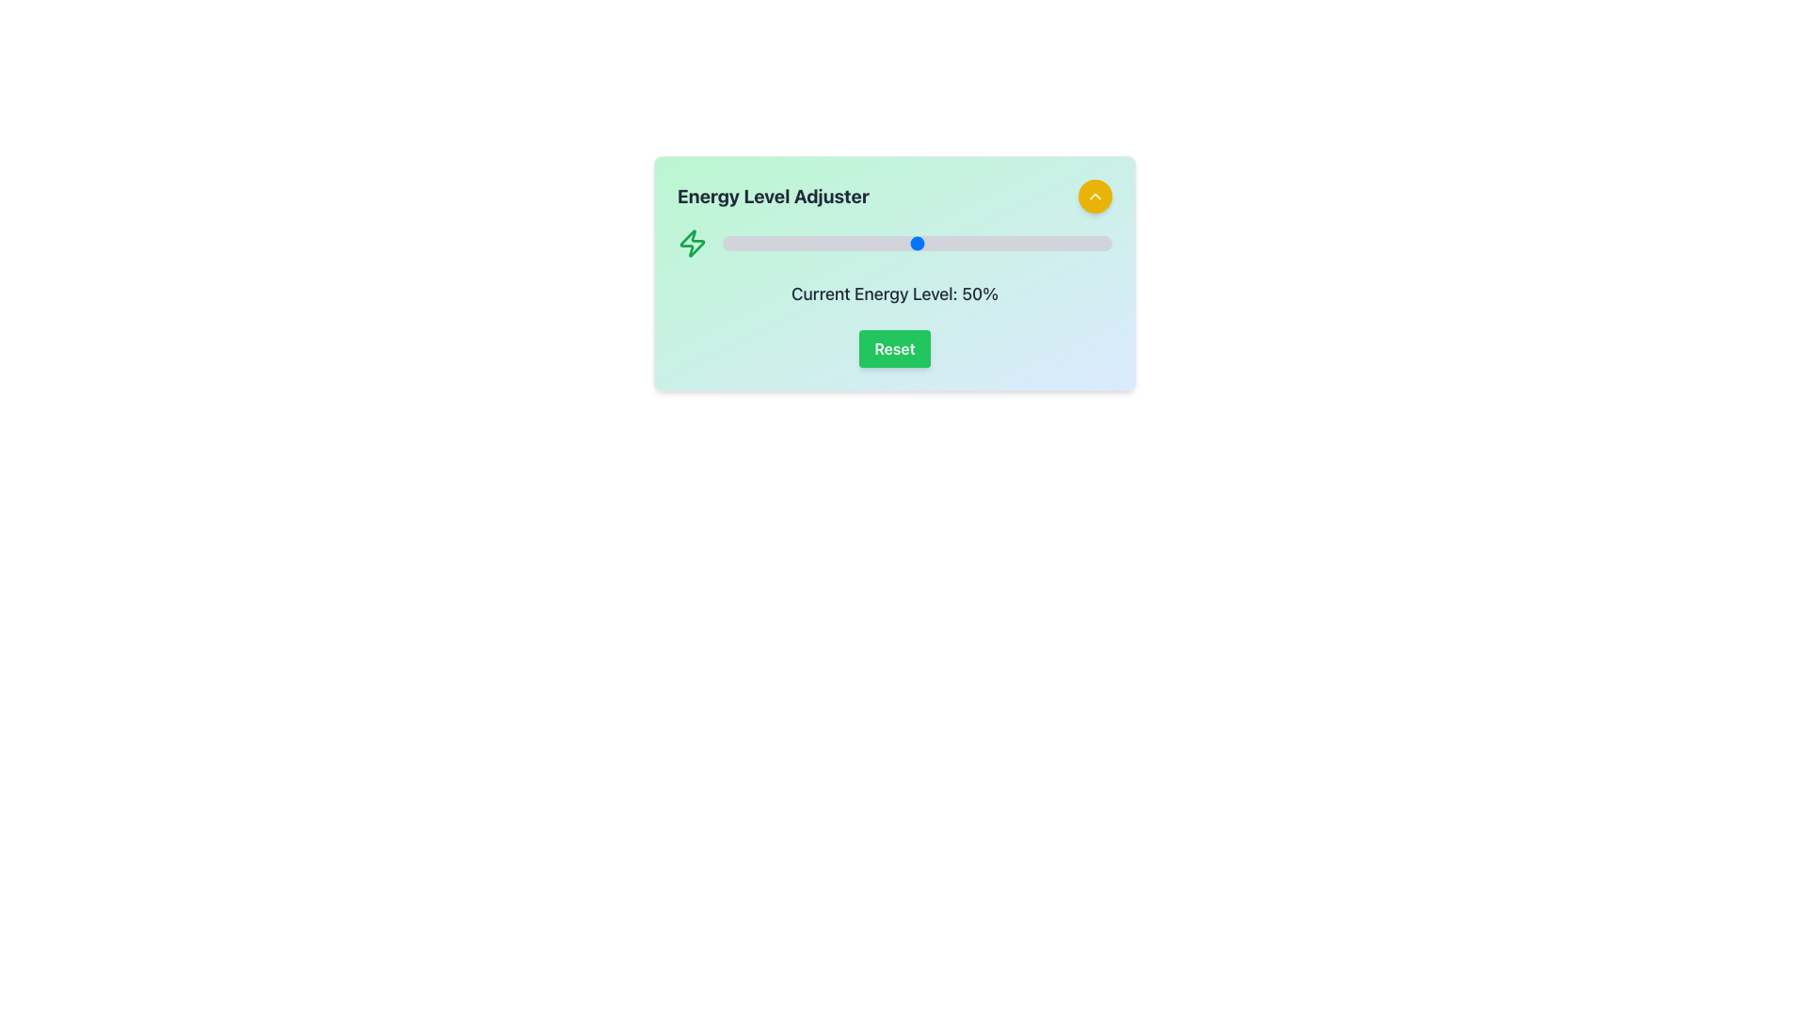 Image resolution: width=1807 pixels, height=1016 pixels. What do you see at coordinates (893, 294) in the screenshot?
I see `the Text Label that displays the current energy level of 50%, which is positioned below the slider and above the 'Reset' button` at bounding box center [893, 294].